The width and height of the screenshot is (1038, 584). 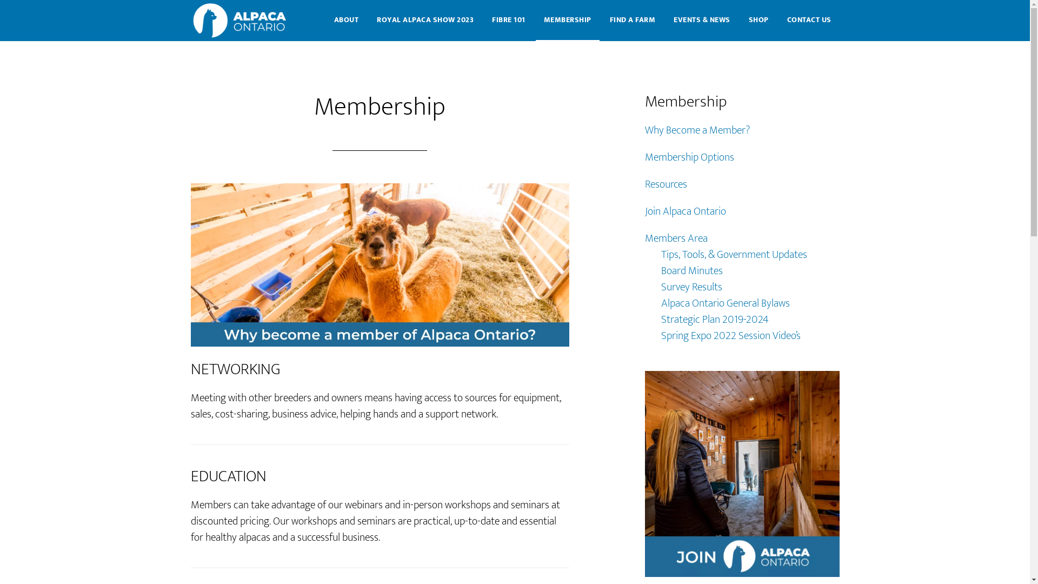 I want to click on 'Board Minutes', so click(x=690, y=270).